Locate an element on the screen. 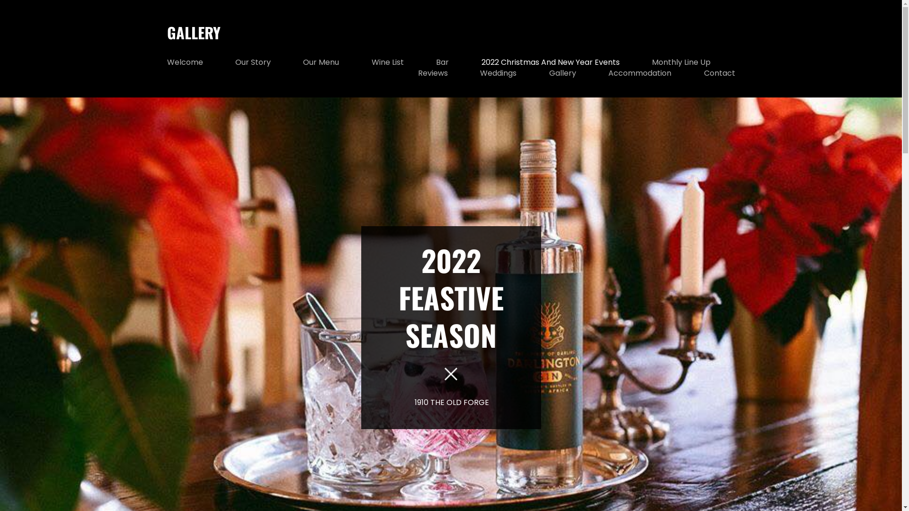  'Weddings' is located at coordinates (498, 72).